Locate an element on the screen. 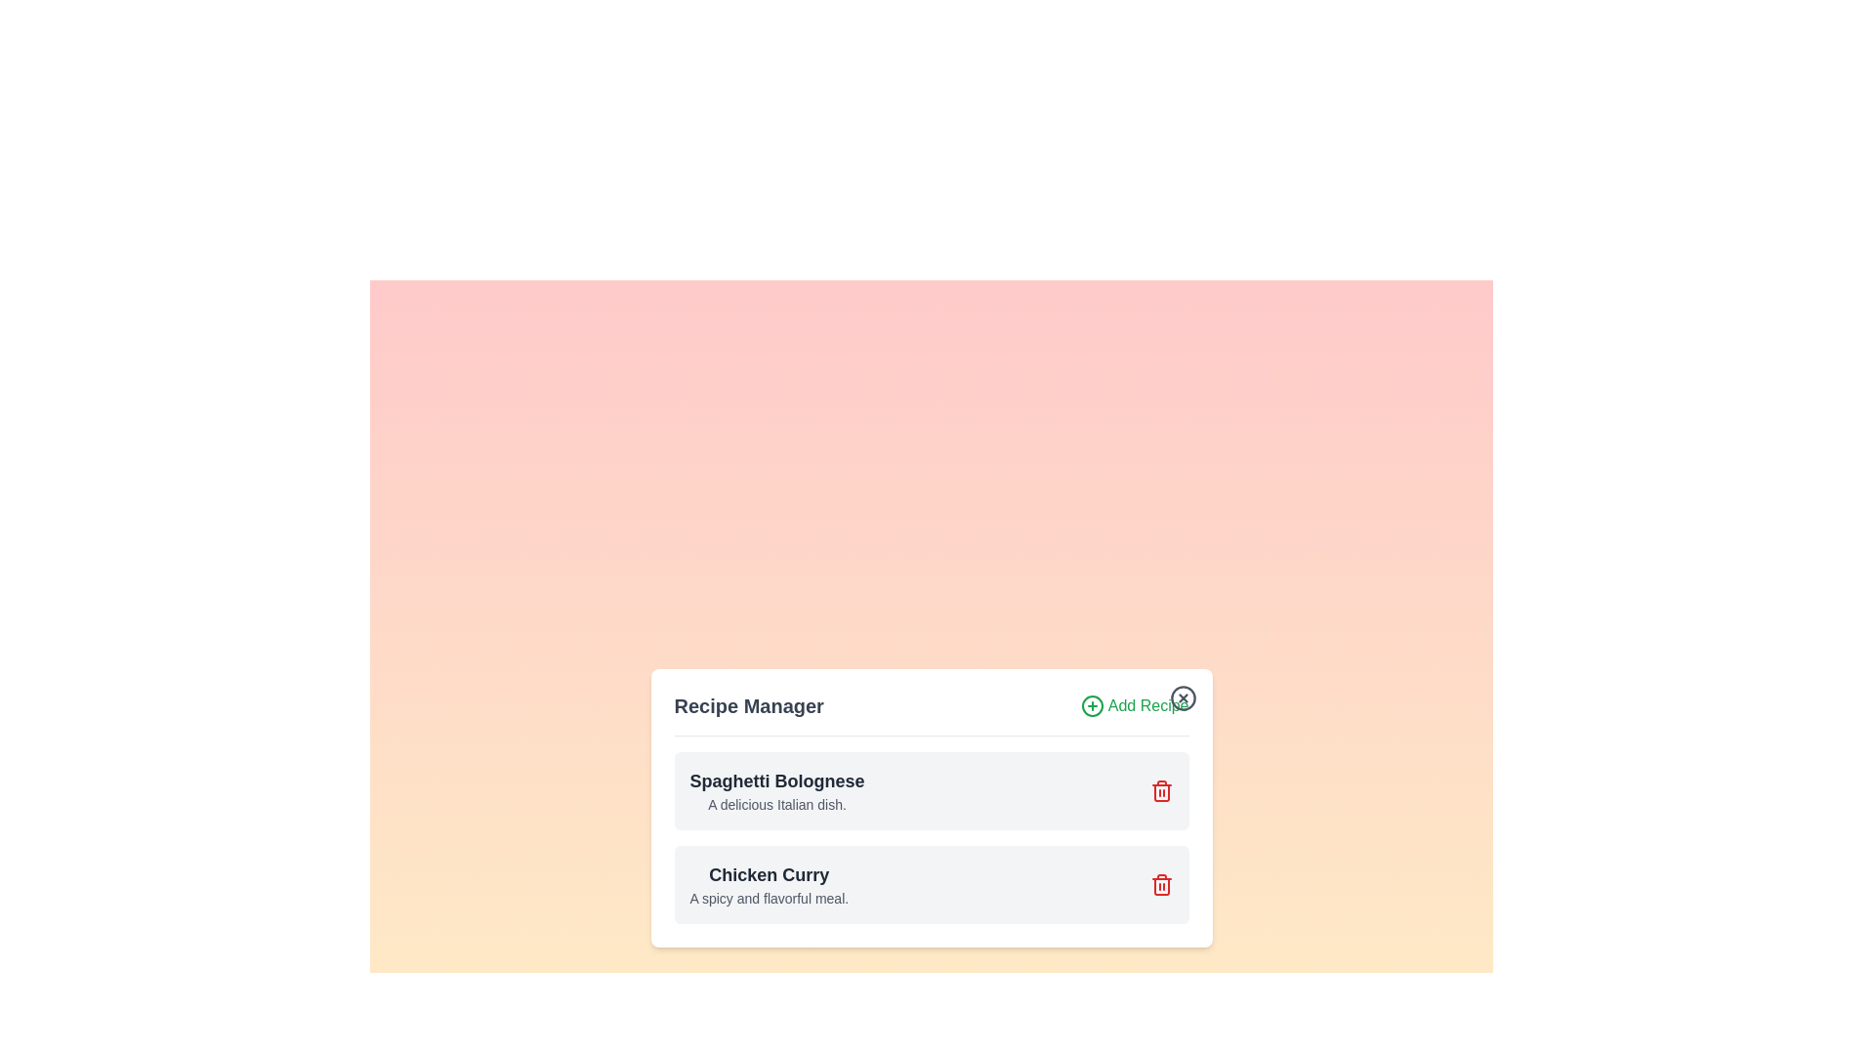 This screenshot has width=1875, height=1055. the static text label element representing the first recipe item in the 'Recipe Manager' list is located at coordinates (776, 780).